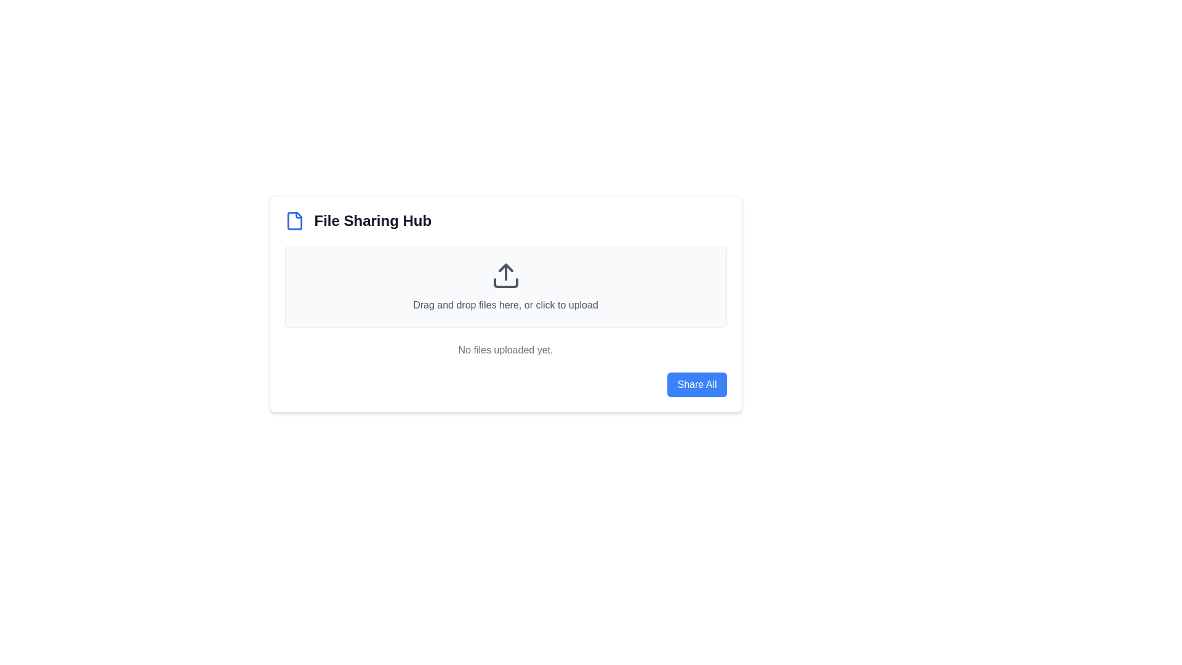 This screenshot has height=665, width=1182. I want to click on text content of the label that says 'Drag and drop files here, or click to upload', which is styled in gray and located in the center of the light gray upload area, so click(505, 305).